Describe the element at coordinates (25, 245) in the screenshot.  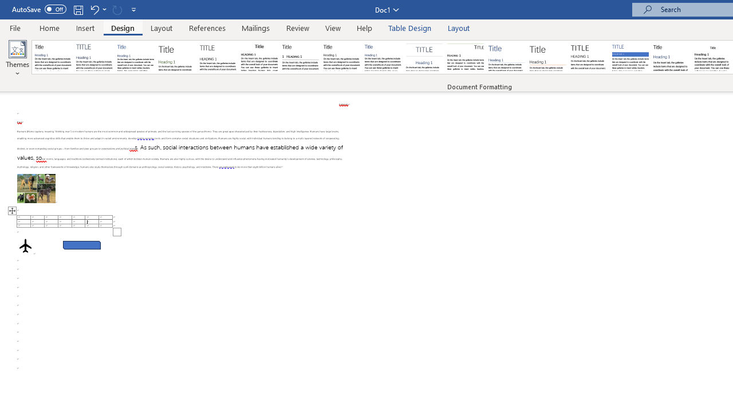
I see `'Airplane with solid fill'` at that location.